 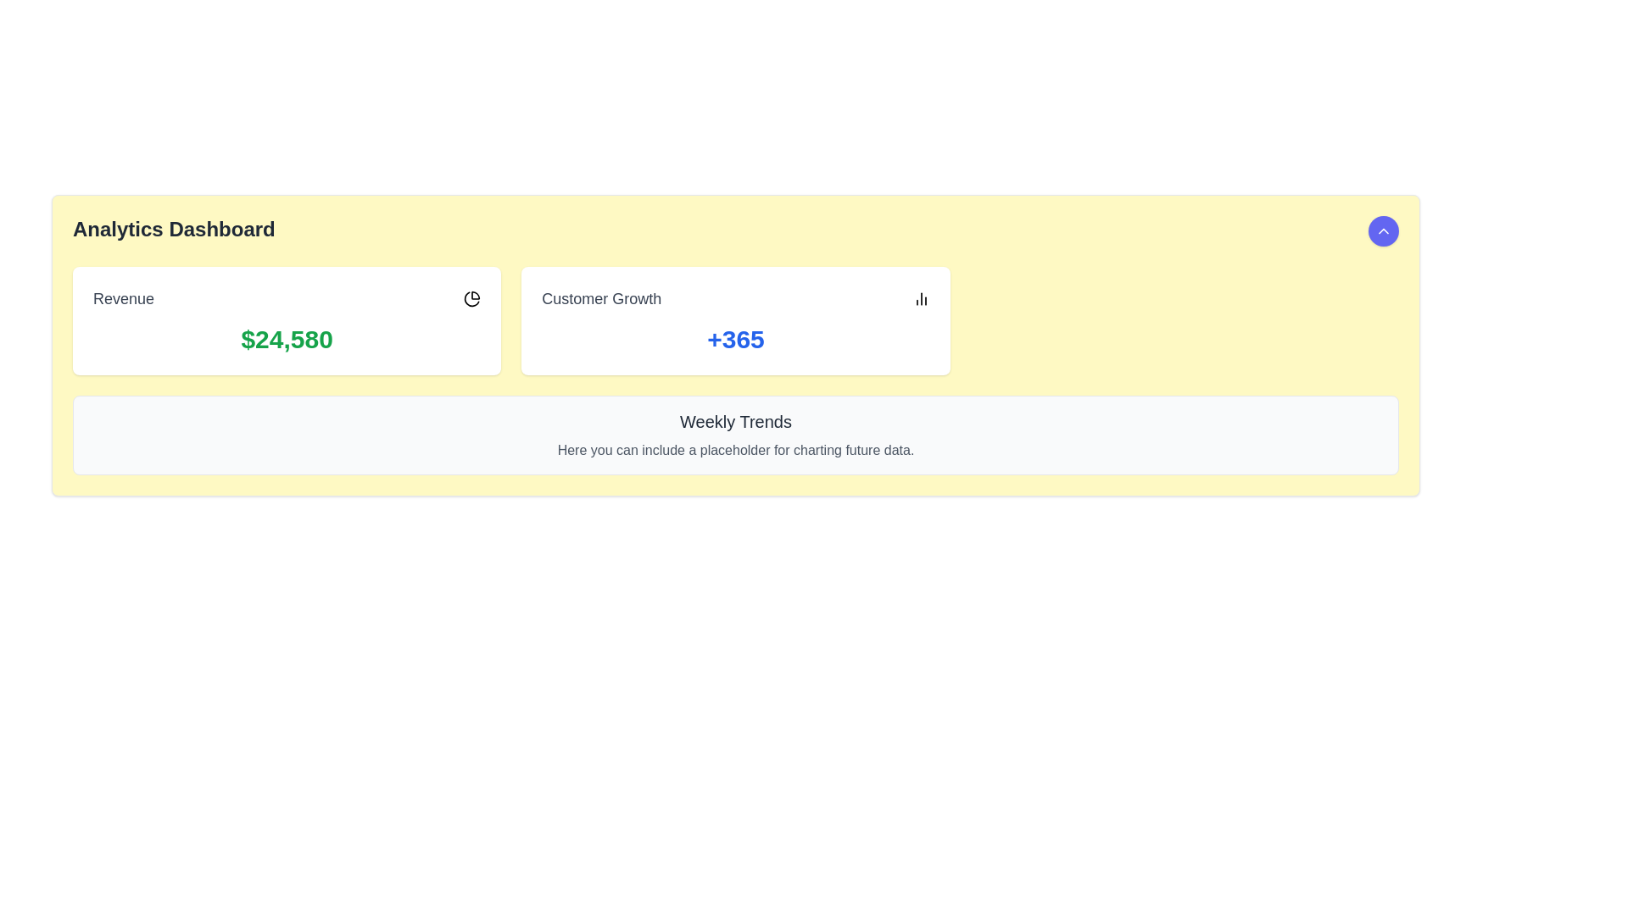 I want to click on the Text label that serves as the title for the revenue metric, positioned at the top left of the card displaying '$24,580', so click(x=123, y=298).